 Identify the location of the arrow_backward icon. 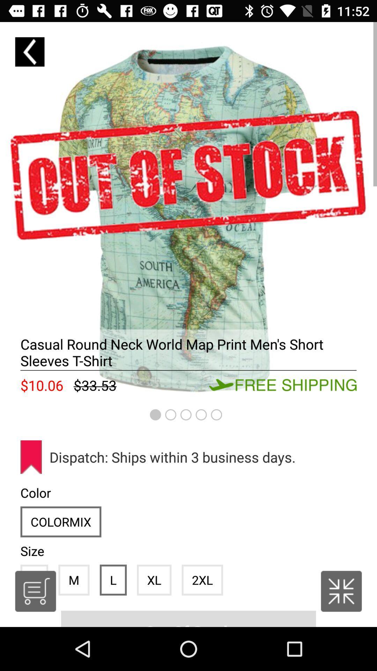
(29, 51).